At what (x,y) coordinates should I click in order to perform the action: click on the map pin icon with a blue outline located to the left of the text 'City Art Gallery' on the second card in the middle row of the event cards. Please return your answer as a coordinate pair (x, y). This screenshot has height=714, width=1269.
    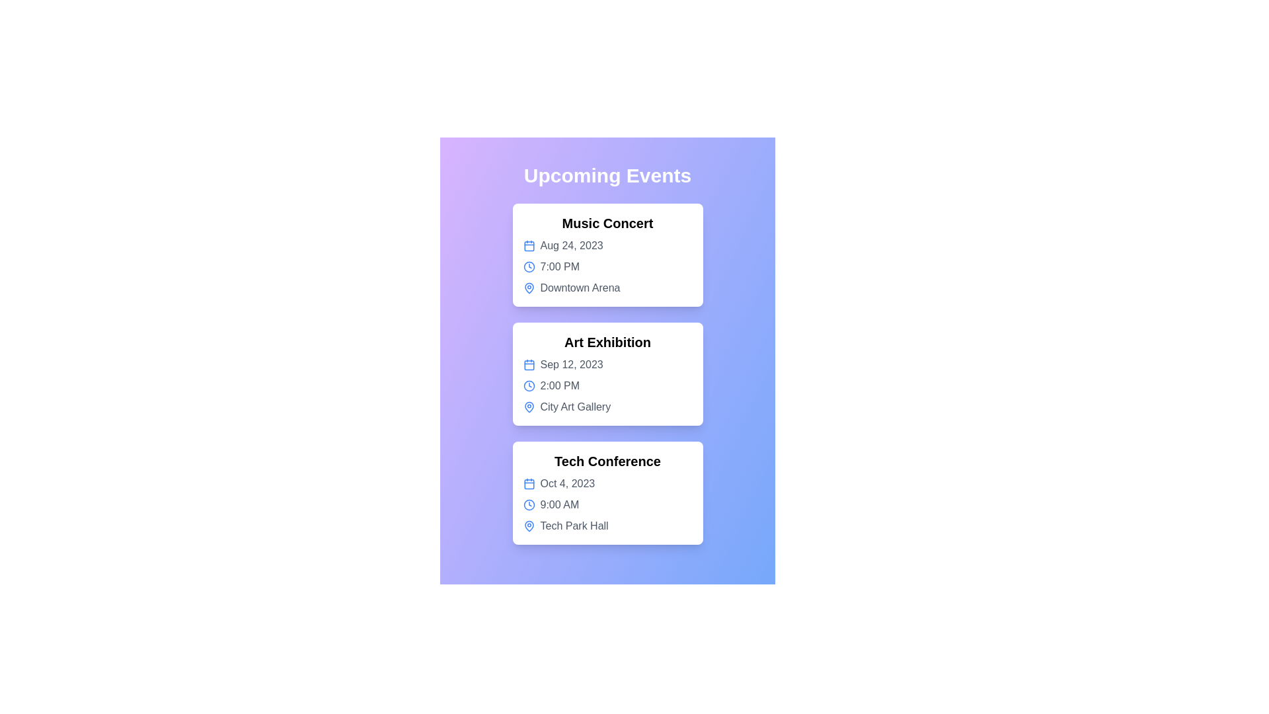
    Looking at the image, I should click on (529, 407).